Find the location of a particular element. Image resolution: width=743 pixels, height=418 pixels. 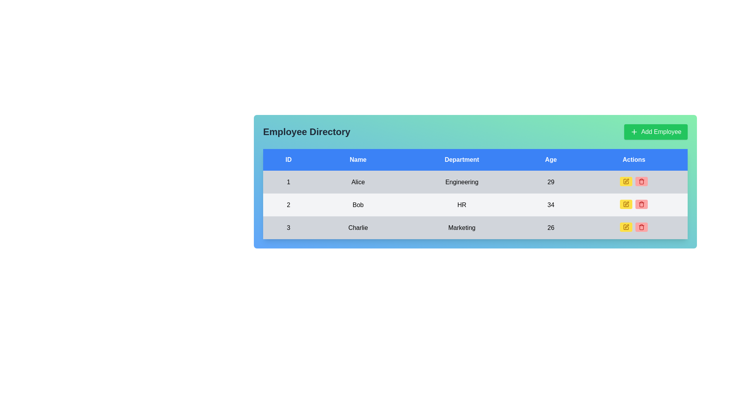

the 'Edit' button located in the second row of the table under the 'Actions' column, which is the first button in that column, to gain additional context or visual feedback is located at coordinates (626, 204).